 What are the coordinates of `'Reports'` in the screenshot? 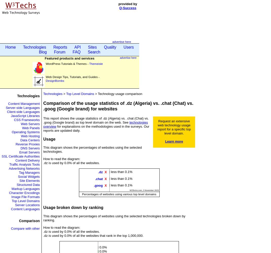 It's located at (60, 47).